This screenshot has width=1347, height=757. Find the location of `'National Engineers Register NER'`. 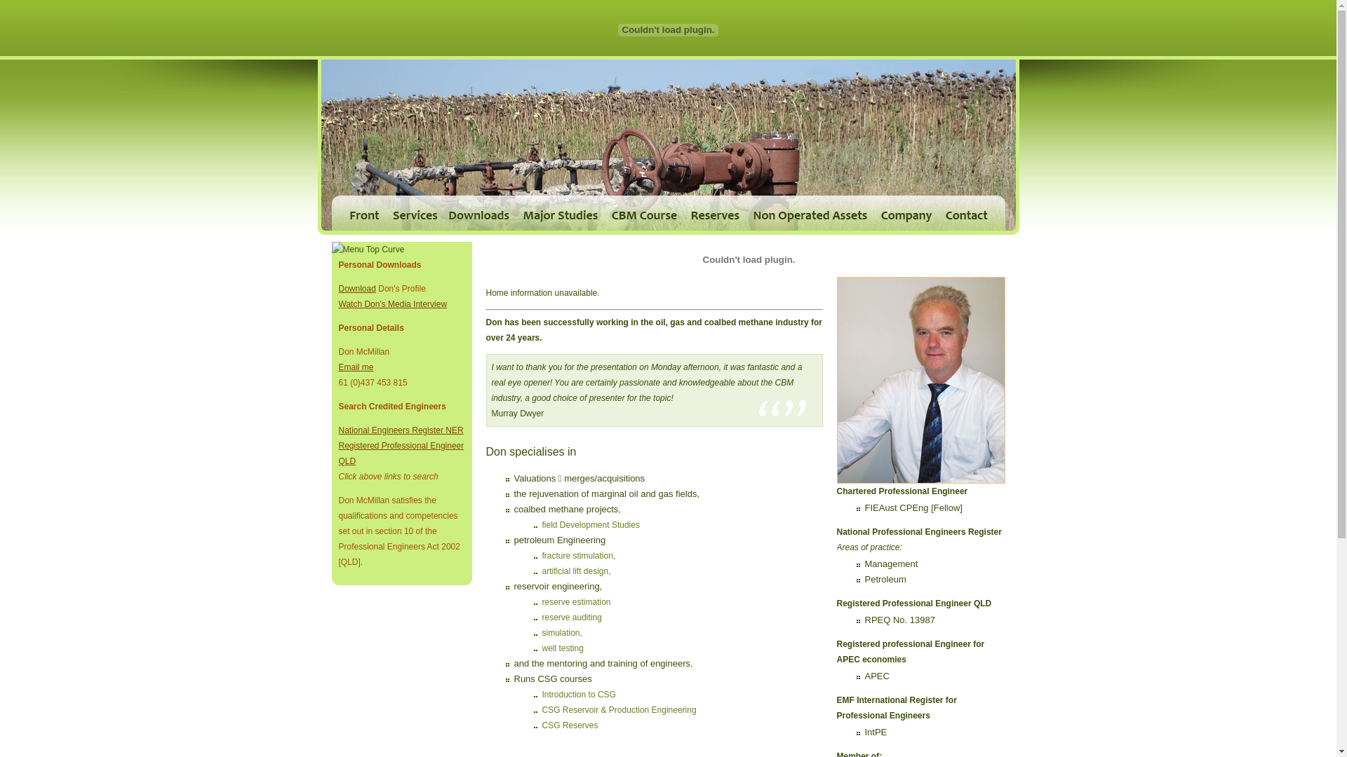

'National Engineers Register NER' is located at coordinates (337, 429).